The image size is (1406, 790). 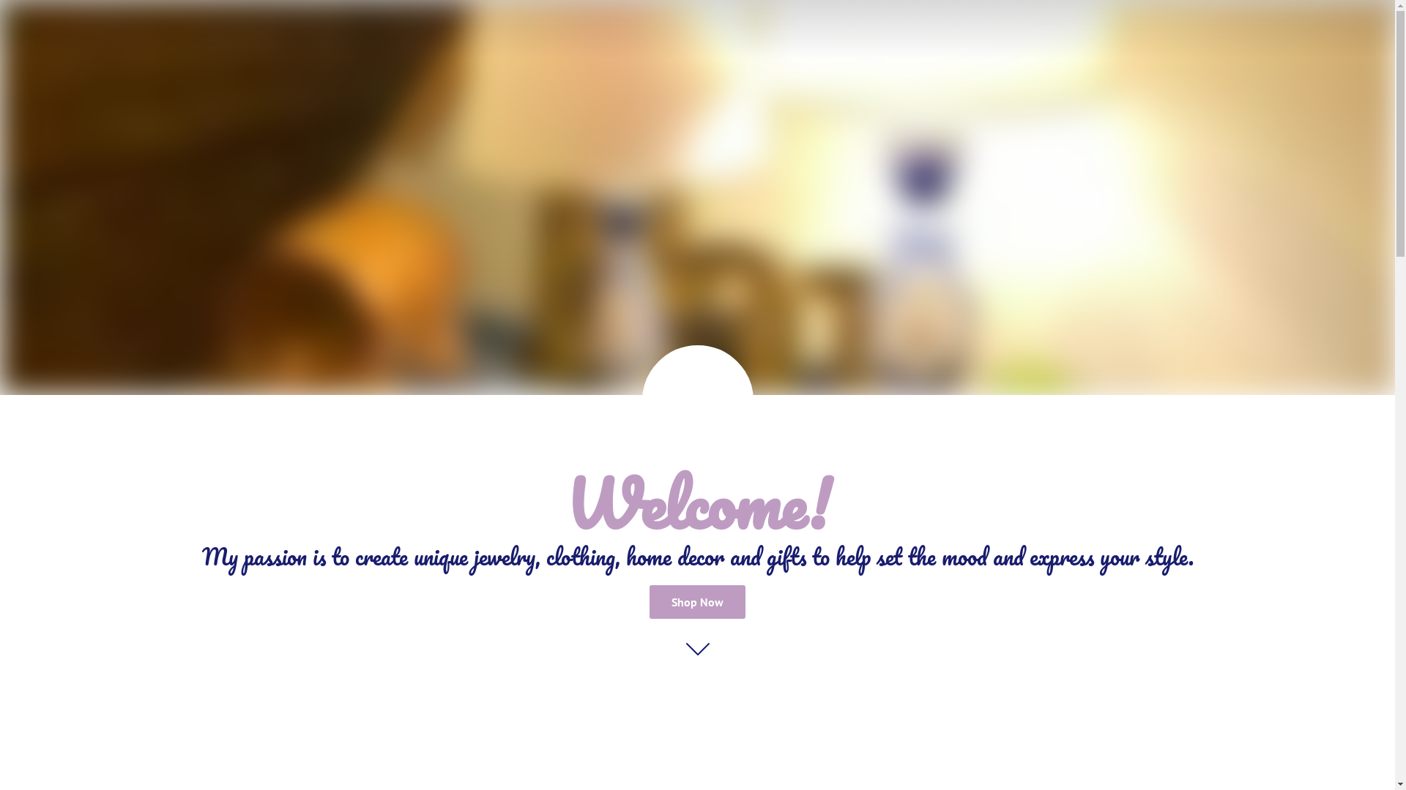 I want to click on 'Shop Now', so click(x=649, y=601).